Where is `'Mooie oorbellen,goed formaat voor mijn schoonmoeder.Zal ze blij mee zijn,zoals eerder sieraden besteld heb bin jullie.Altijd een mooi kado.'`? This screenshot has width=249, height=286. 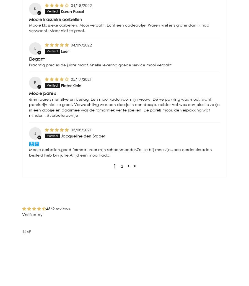
'Mooie oorbellen,goed formaat voor mijn schoonmoeder.Zal ze blij mee zijn,zoals eerder sieraden besteld heb bin jullie.Altijd een mooi kado.' is located at coordinates (120, 152).